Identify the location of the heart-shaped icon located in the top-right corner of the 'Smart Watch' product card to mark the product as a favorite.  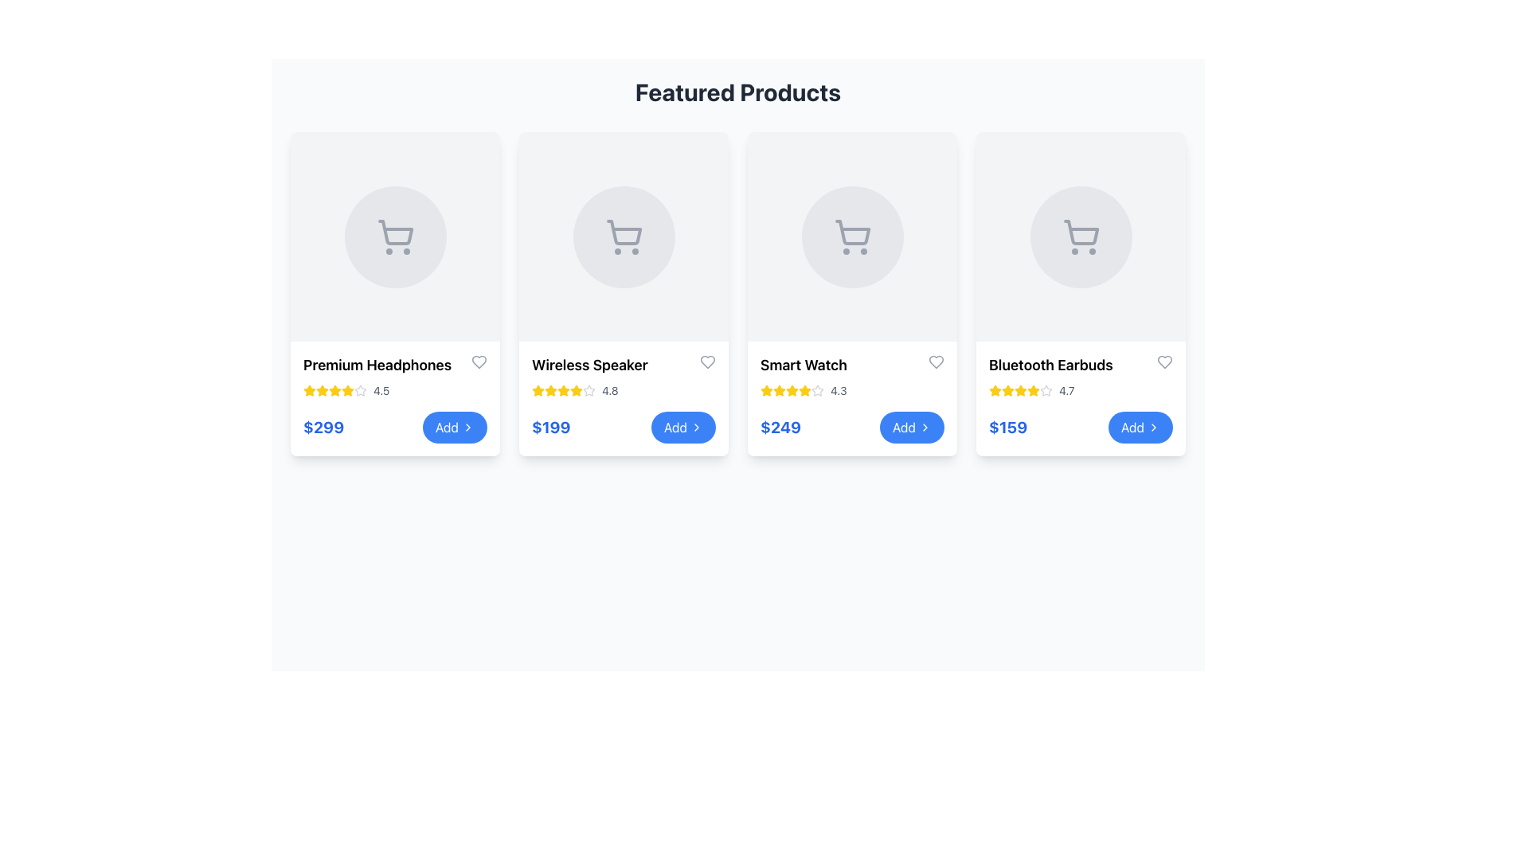
(937, 362).